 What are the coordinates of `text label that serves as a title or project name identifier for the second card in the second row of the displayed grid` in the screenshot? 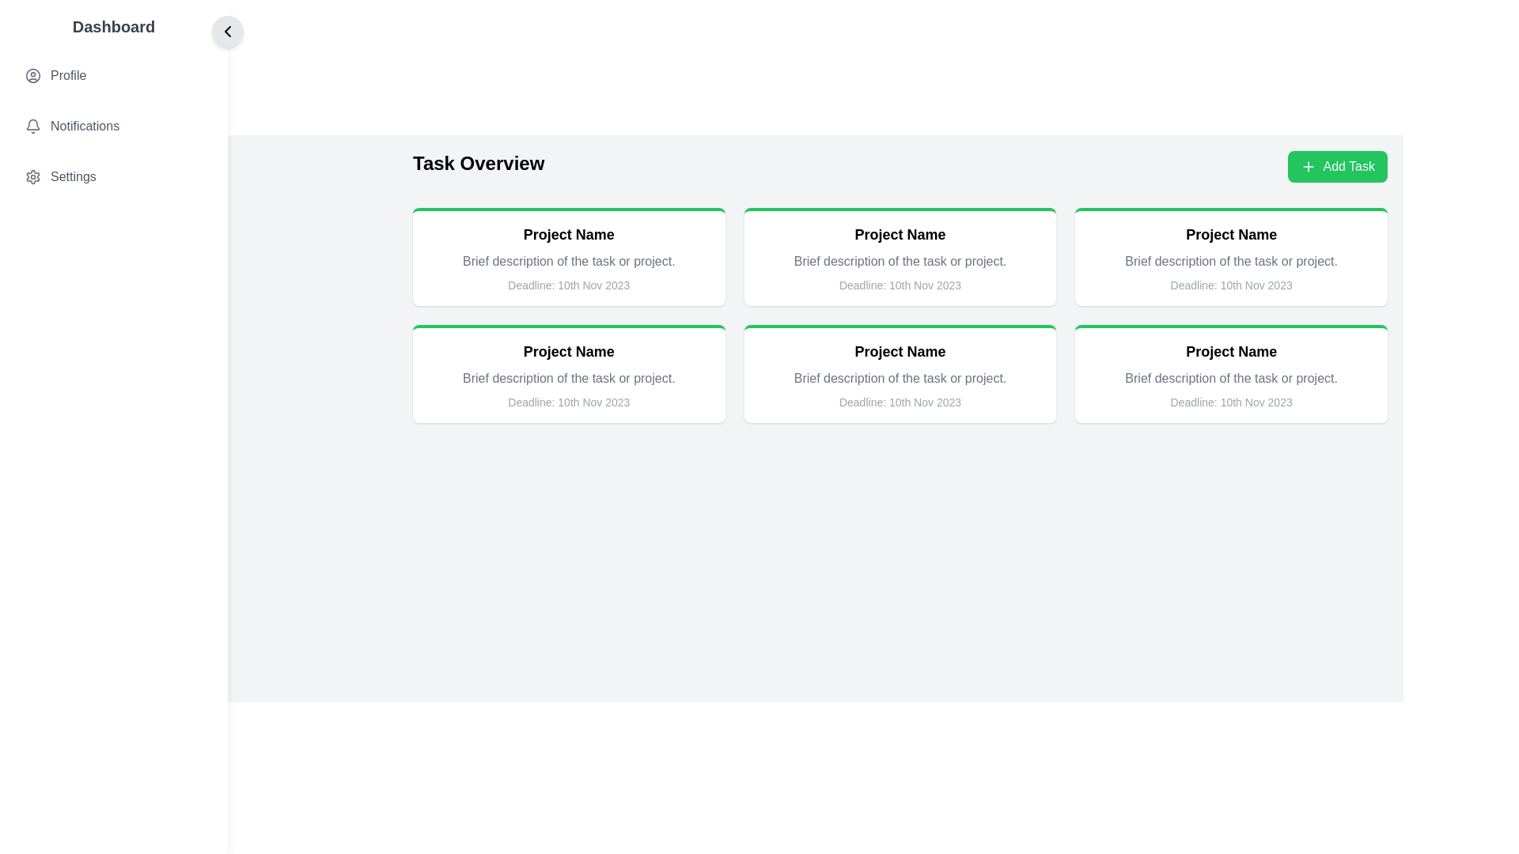 It's located at (1230, 350).